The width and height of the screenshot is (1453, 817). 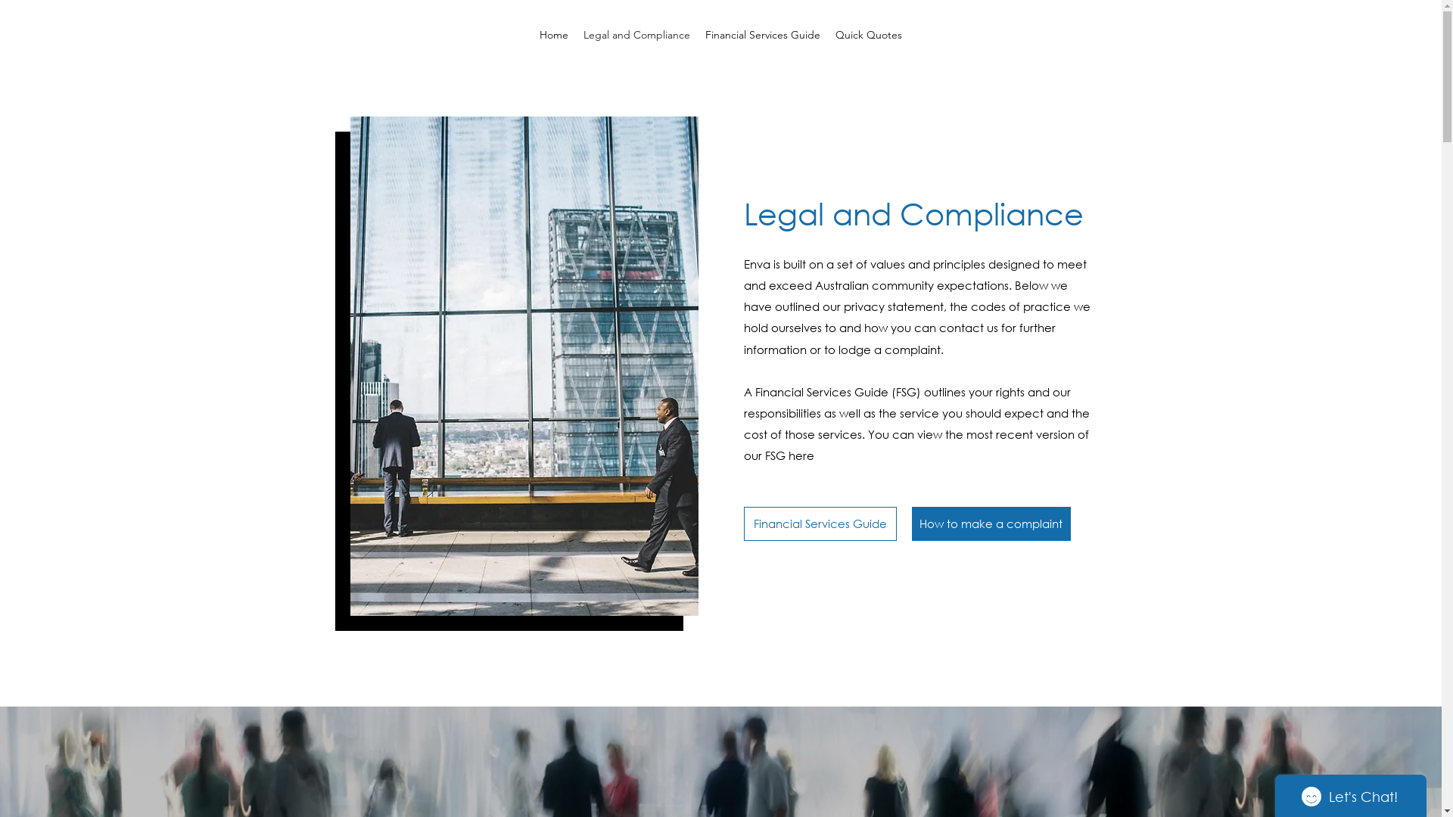 I want to click on 'Financial Services Guide', so click(x=819, y=523).